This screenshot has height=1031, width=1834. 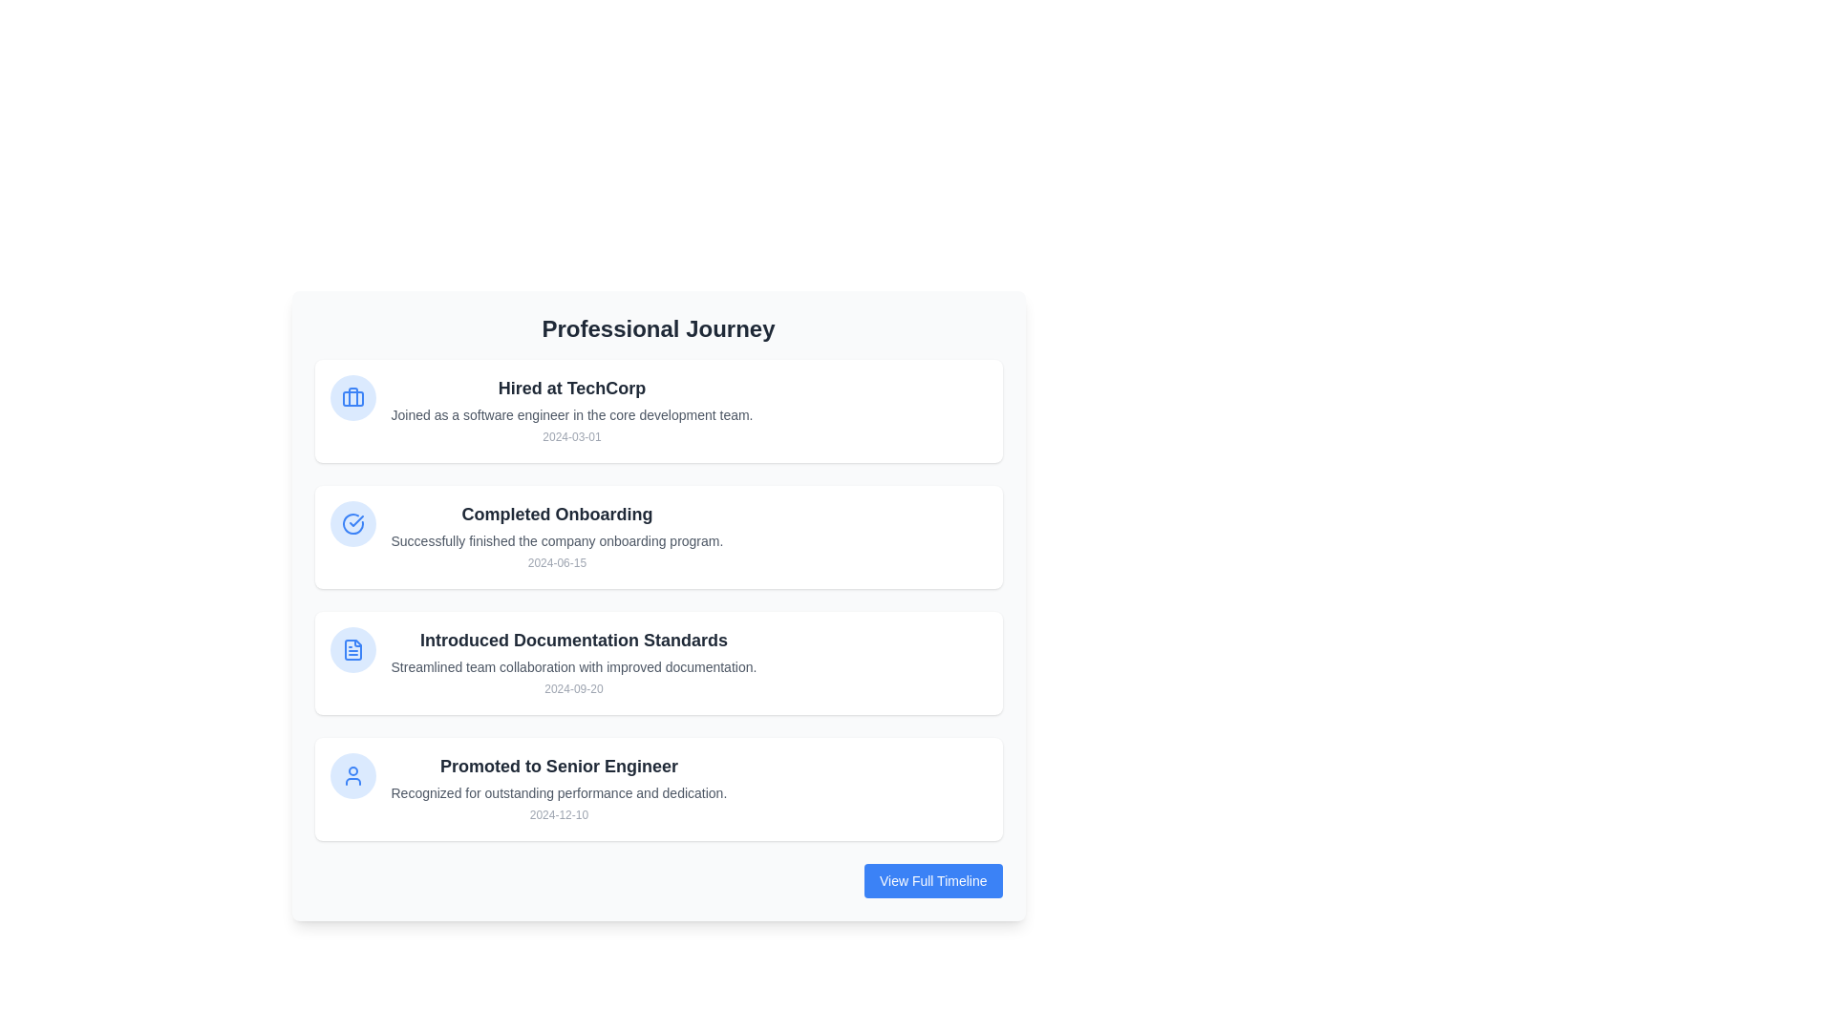 I want to click on descriptive text label located in the first tile of the vertically stacked timeline interface, positioned below 'Hired at TechCorp' and above the date '2024-03-01', so click(x=571, y=414).